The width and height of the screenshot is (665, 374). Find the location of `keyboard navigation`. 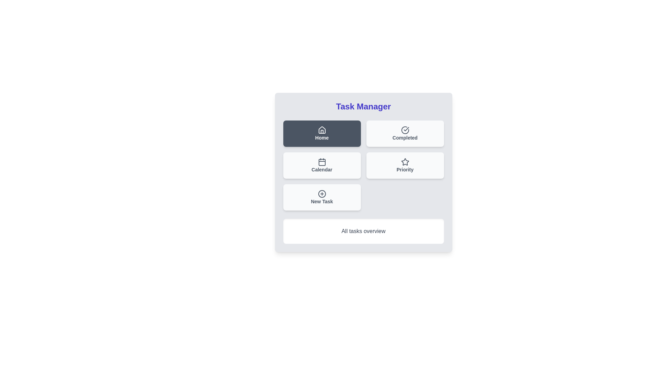

keyboard navigation is located at coordinates (321, 197).